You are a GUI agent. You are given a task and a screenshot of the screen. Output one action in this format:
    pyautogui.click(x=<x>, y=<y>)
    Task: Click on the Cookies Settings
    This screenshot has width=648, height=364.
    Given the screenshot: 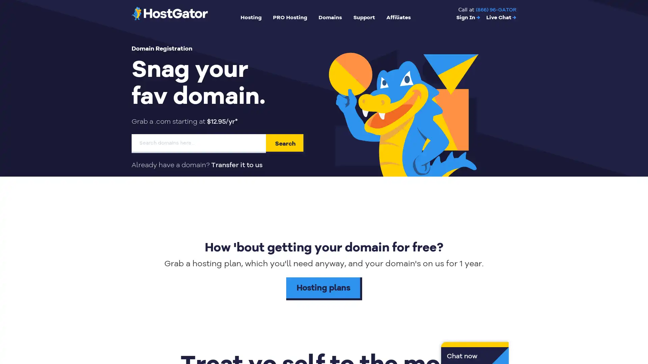 What is the action you would take?
    pyautogui.click(x=69, y=338)
    